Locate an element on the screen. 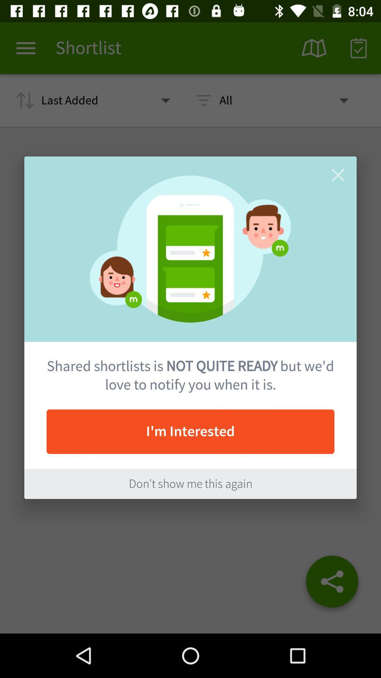 The width and height of the screenshot is (381, 678). the i'm interested is located at coordinates (190, 431).